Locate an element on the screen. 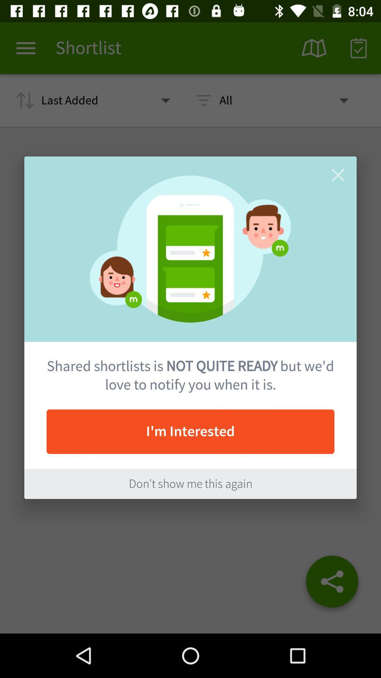 The width and height of the screenshot is (381, 678). the i'm interested is located at coordinates (190, 431).